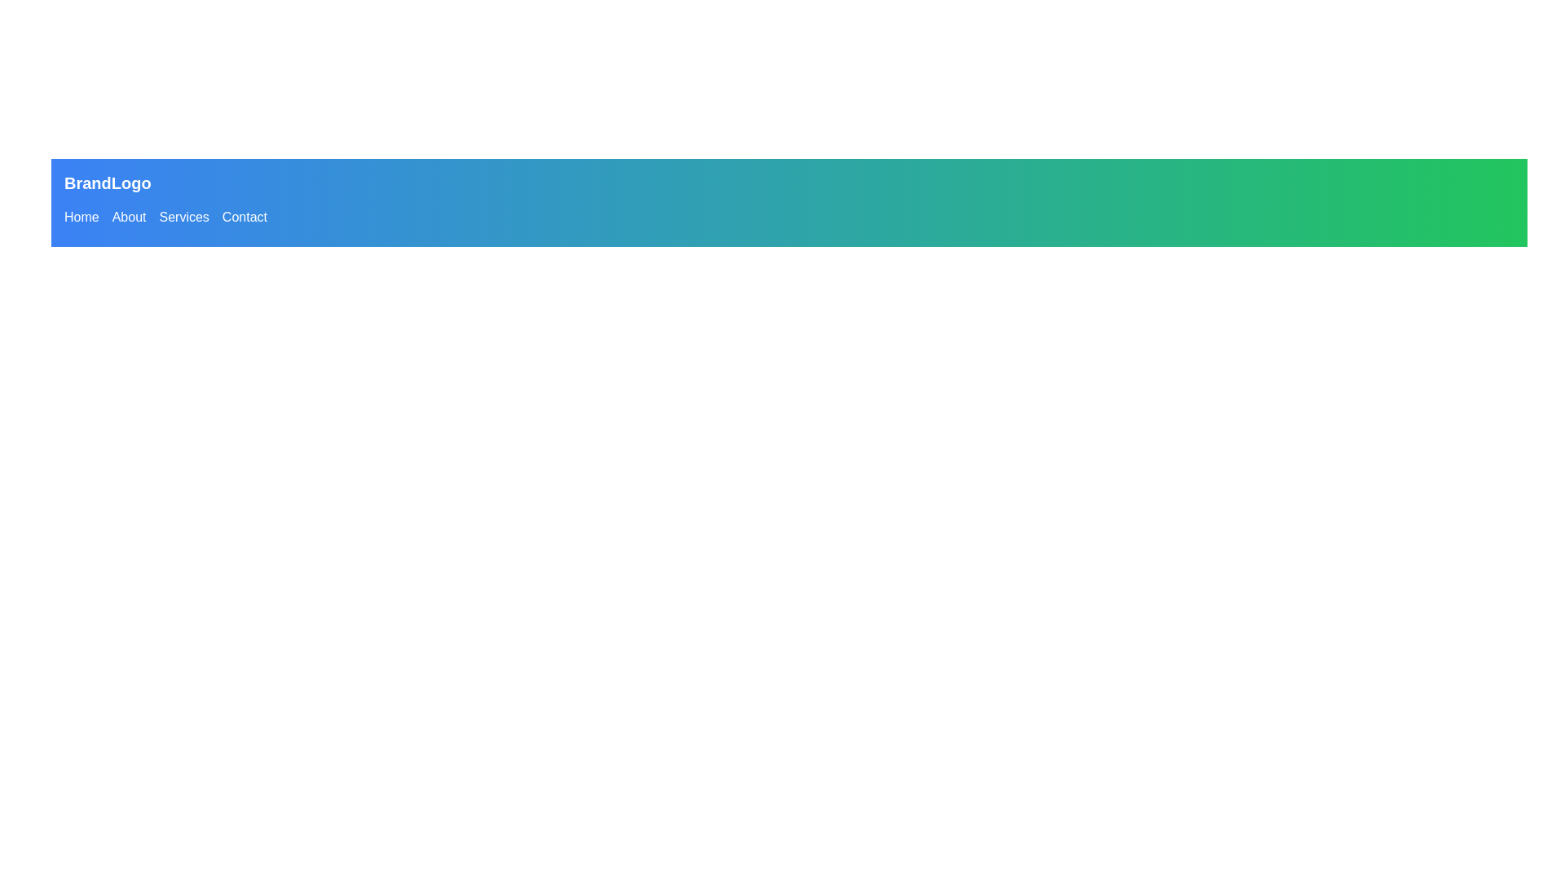  Describe the element at coordinates (128, 216) in the screenshot. I see `the 'About' button in the horizontal navigation bar` at that location.